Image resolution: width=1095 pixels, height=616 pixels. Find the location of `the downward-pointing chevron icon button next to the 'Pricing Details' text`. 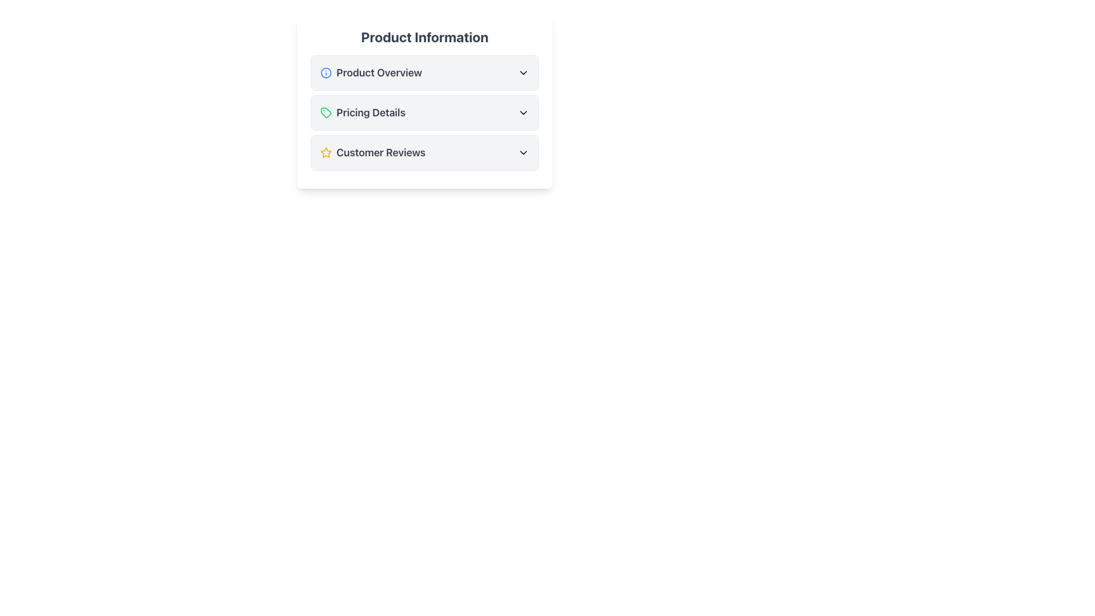

the downward-pointing chevron icon button next to the 'Pricing Details' text is located at coordinates (522, 112).